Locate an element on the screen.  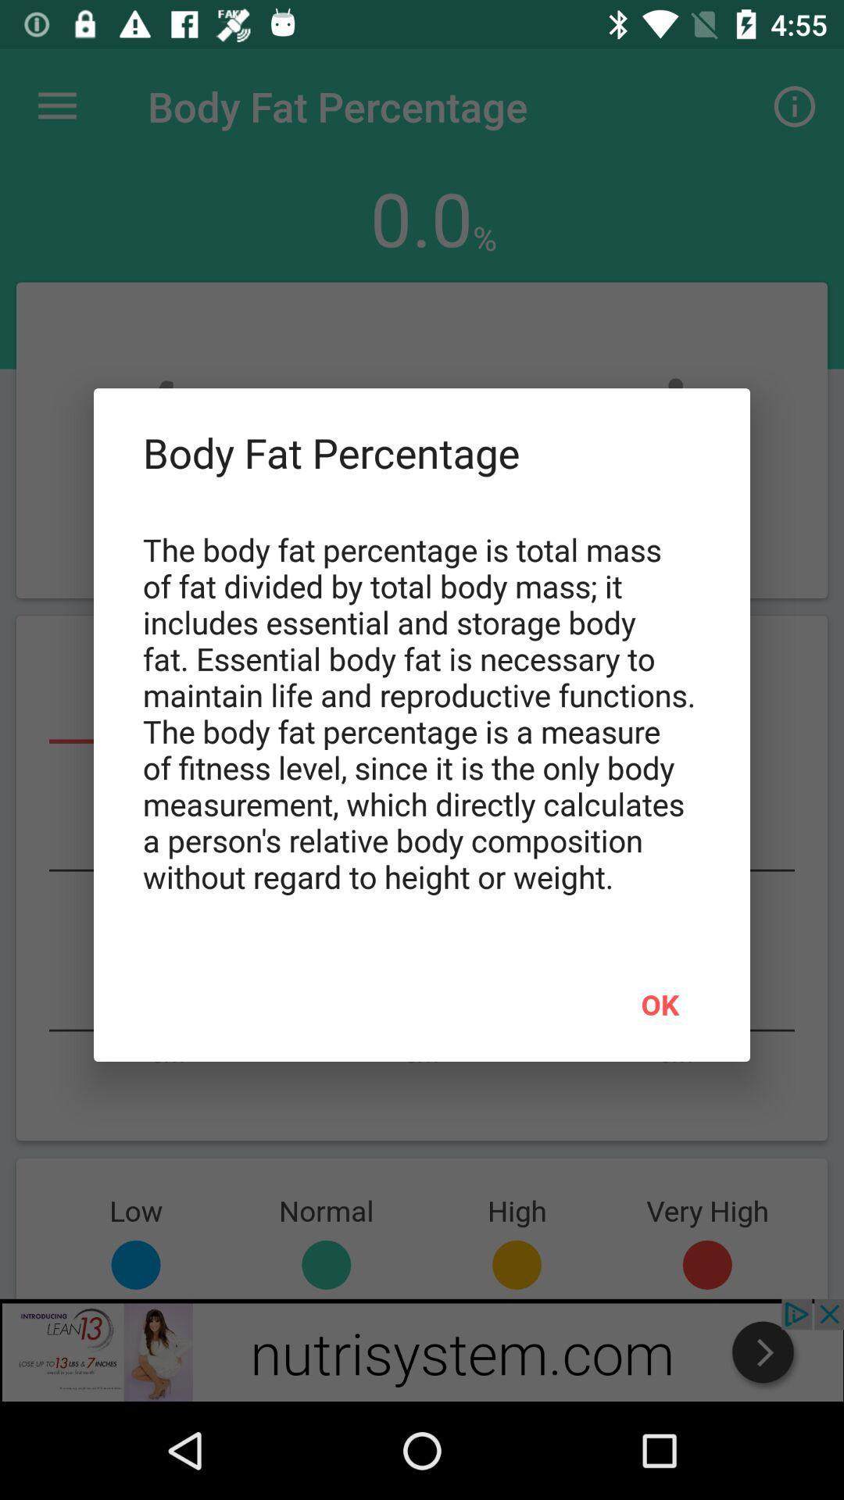
ok is located at coordinates (660, 1004).